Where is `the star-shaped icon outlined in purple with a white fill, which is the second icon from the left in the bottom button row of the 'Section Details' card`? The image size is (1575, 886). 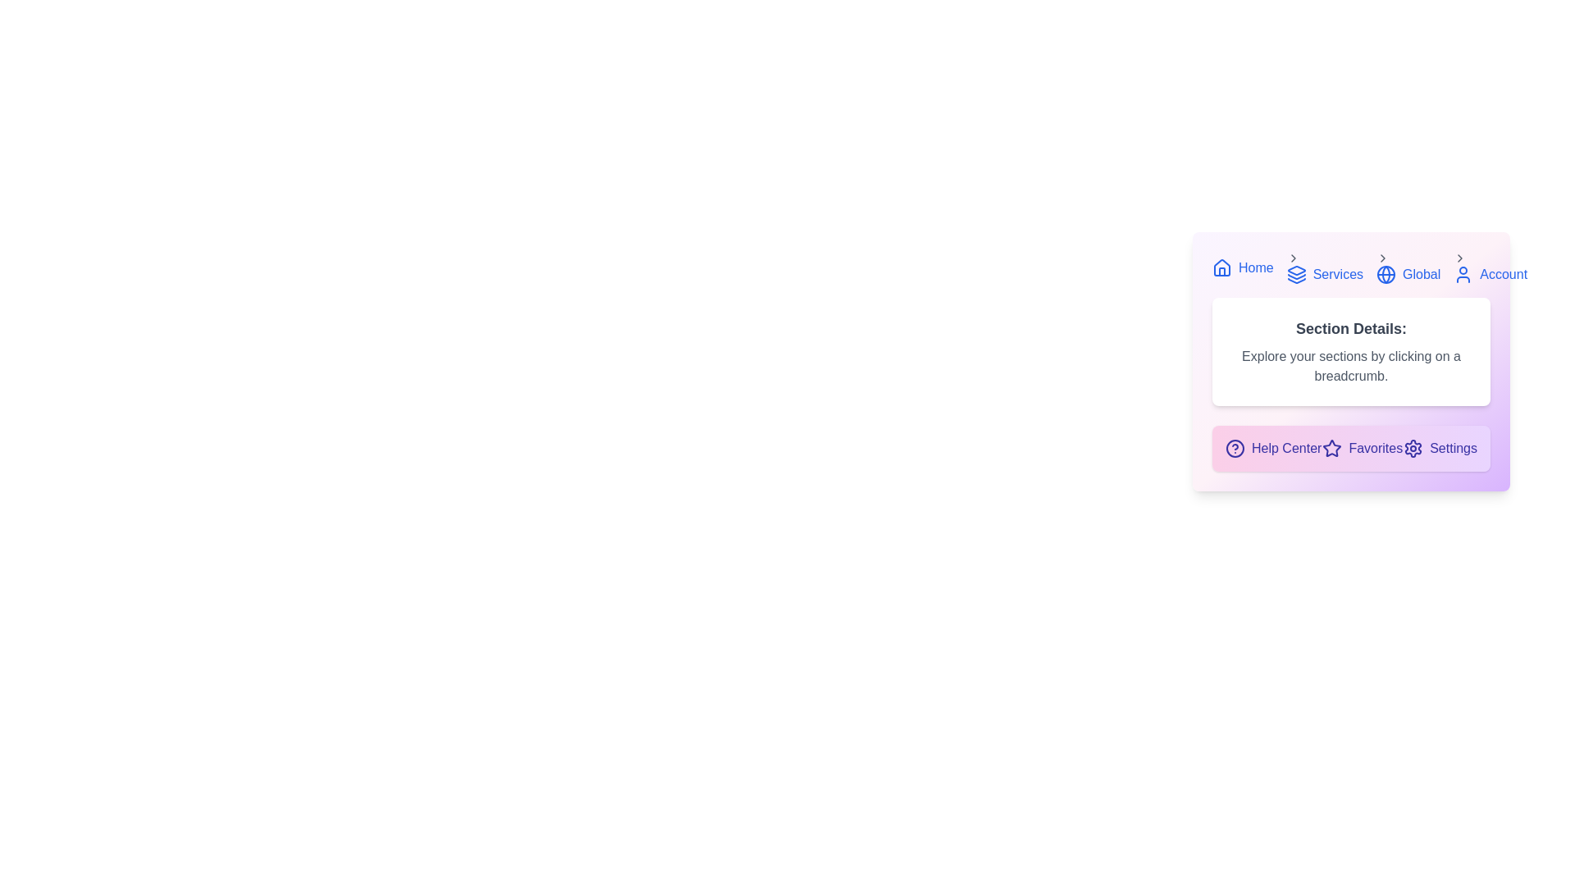
the star-shaped icon outlined in purple with a white fill, which is the second icon from the left in the bottom button row of the 'Section Details' card is located at coordinates (1332, 448).